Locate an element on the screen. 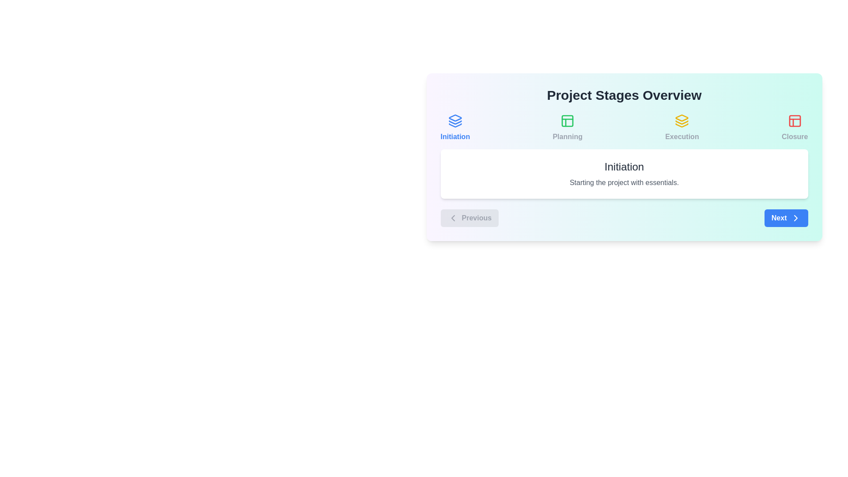 This screenshot has height=477, width=848. the 'Initiation' step button, which is located on the leftmost side of the workflow steps is located at coordinates (455, 128).